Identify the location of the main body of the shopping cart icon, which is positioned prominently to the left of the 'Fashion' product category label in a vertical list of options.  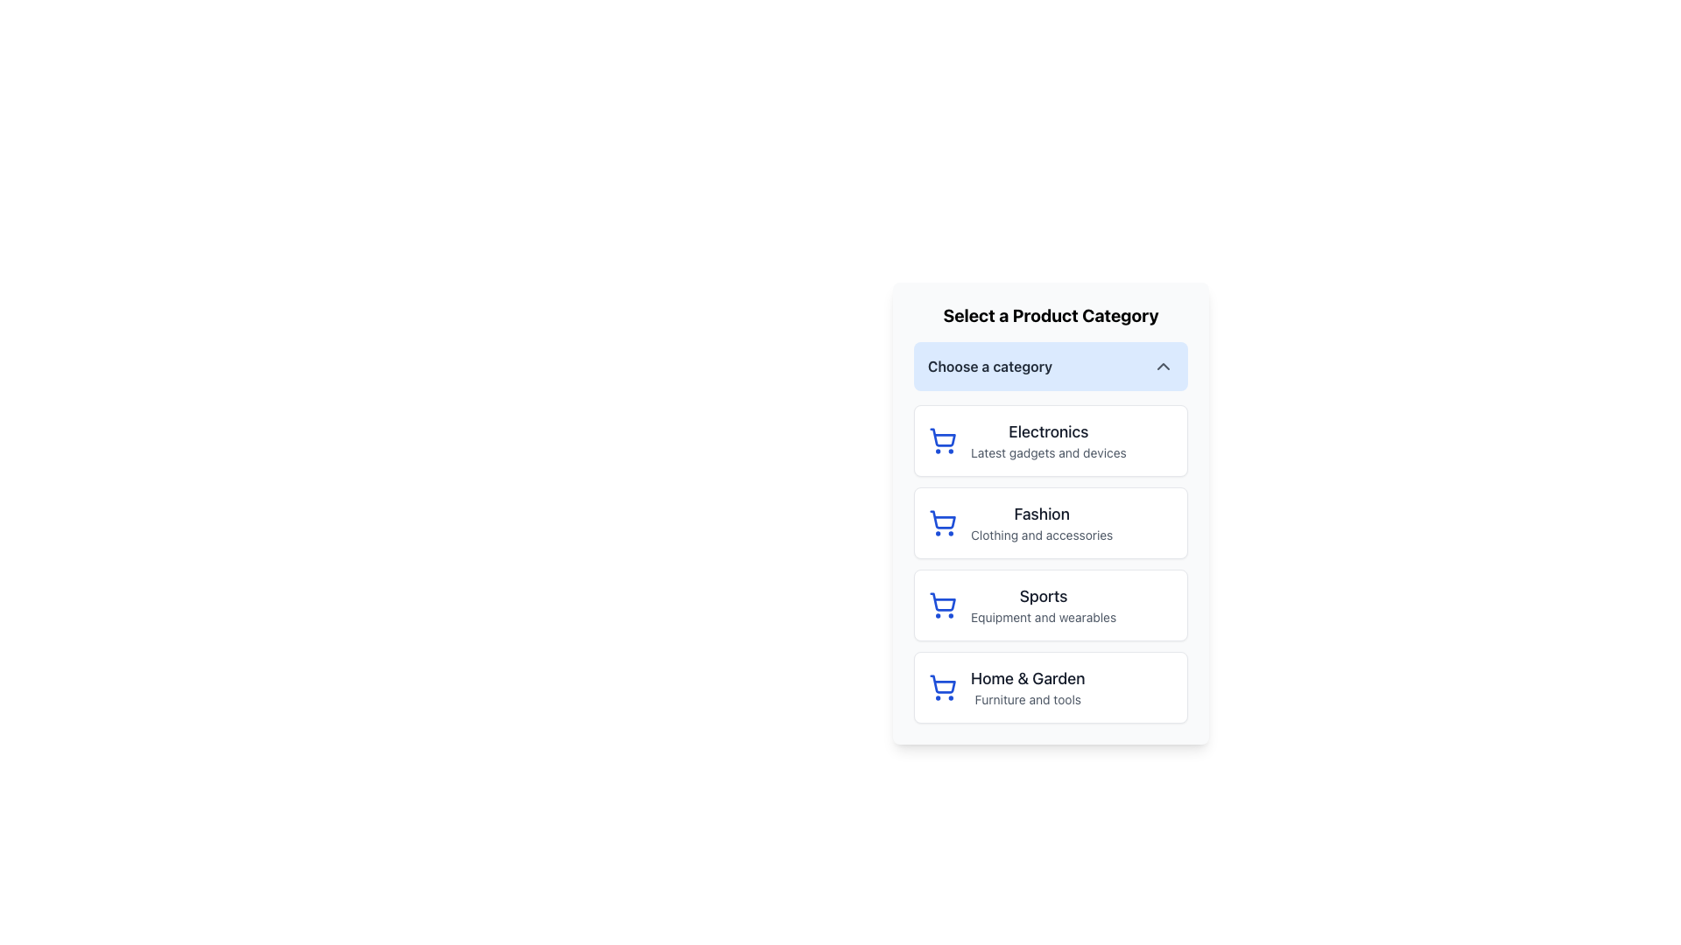
(942, 519).